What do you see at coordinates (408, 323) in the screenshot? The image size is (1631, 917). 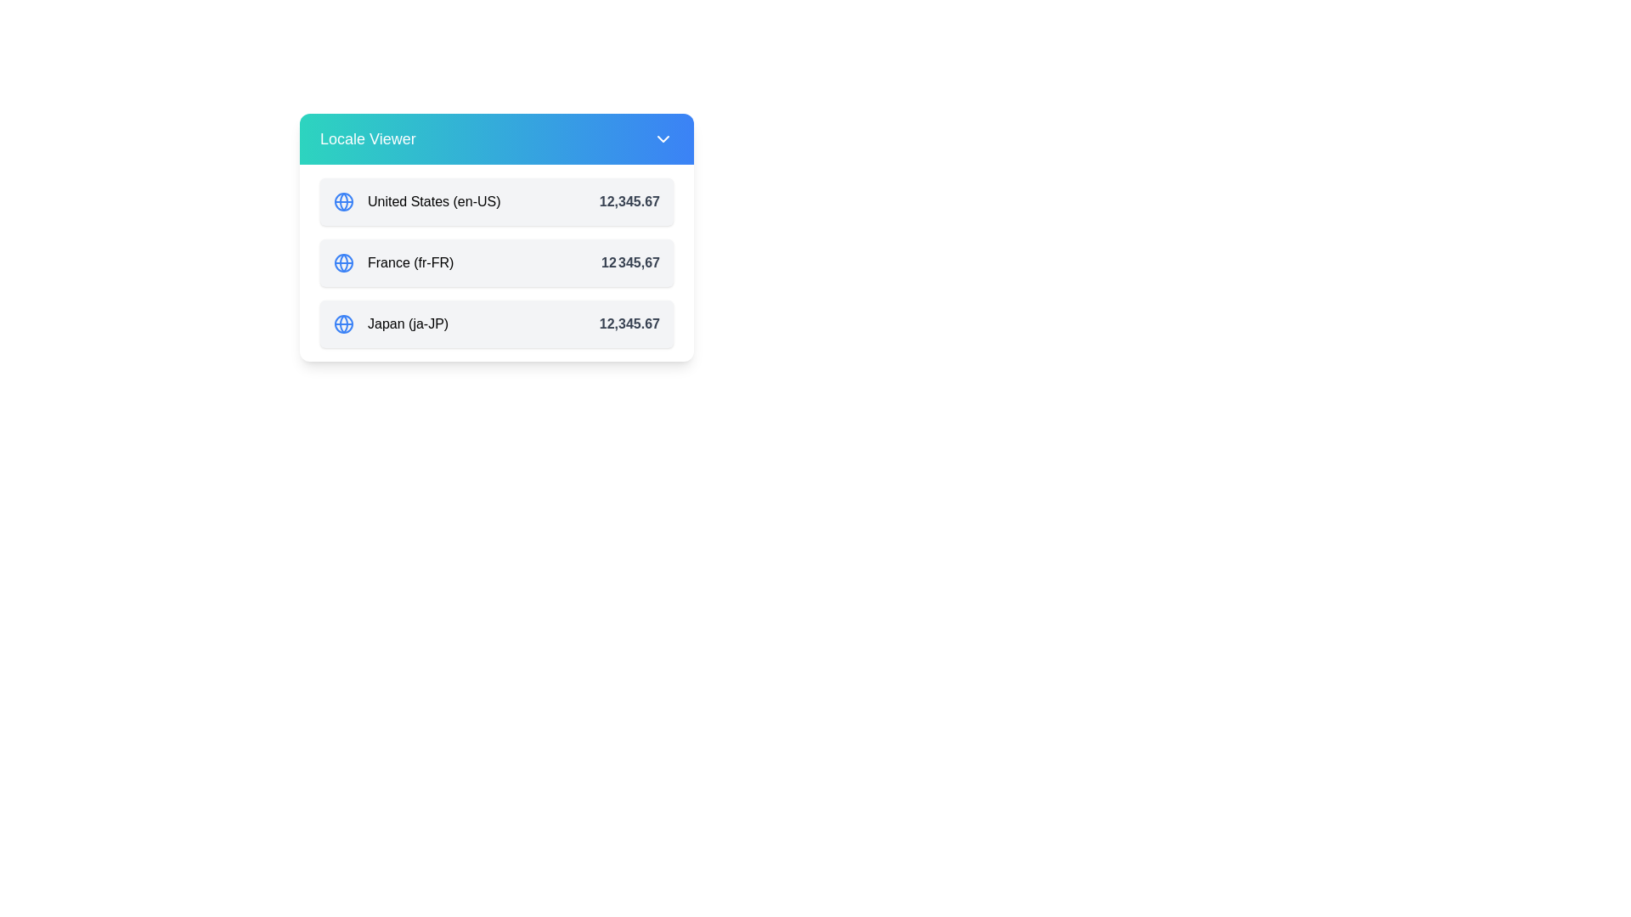 I see `the text label displaying 'Japan (ja-JP)'` at bounding box center [408, 323].